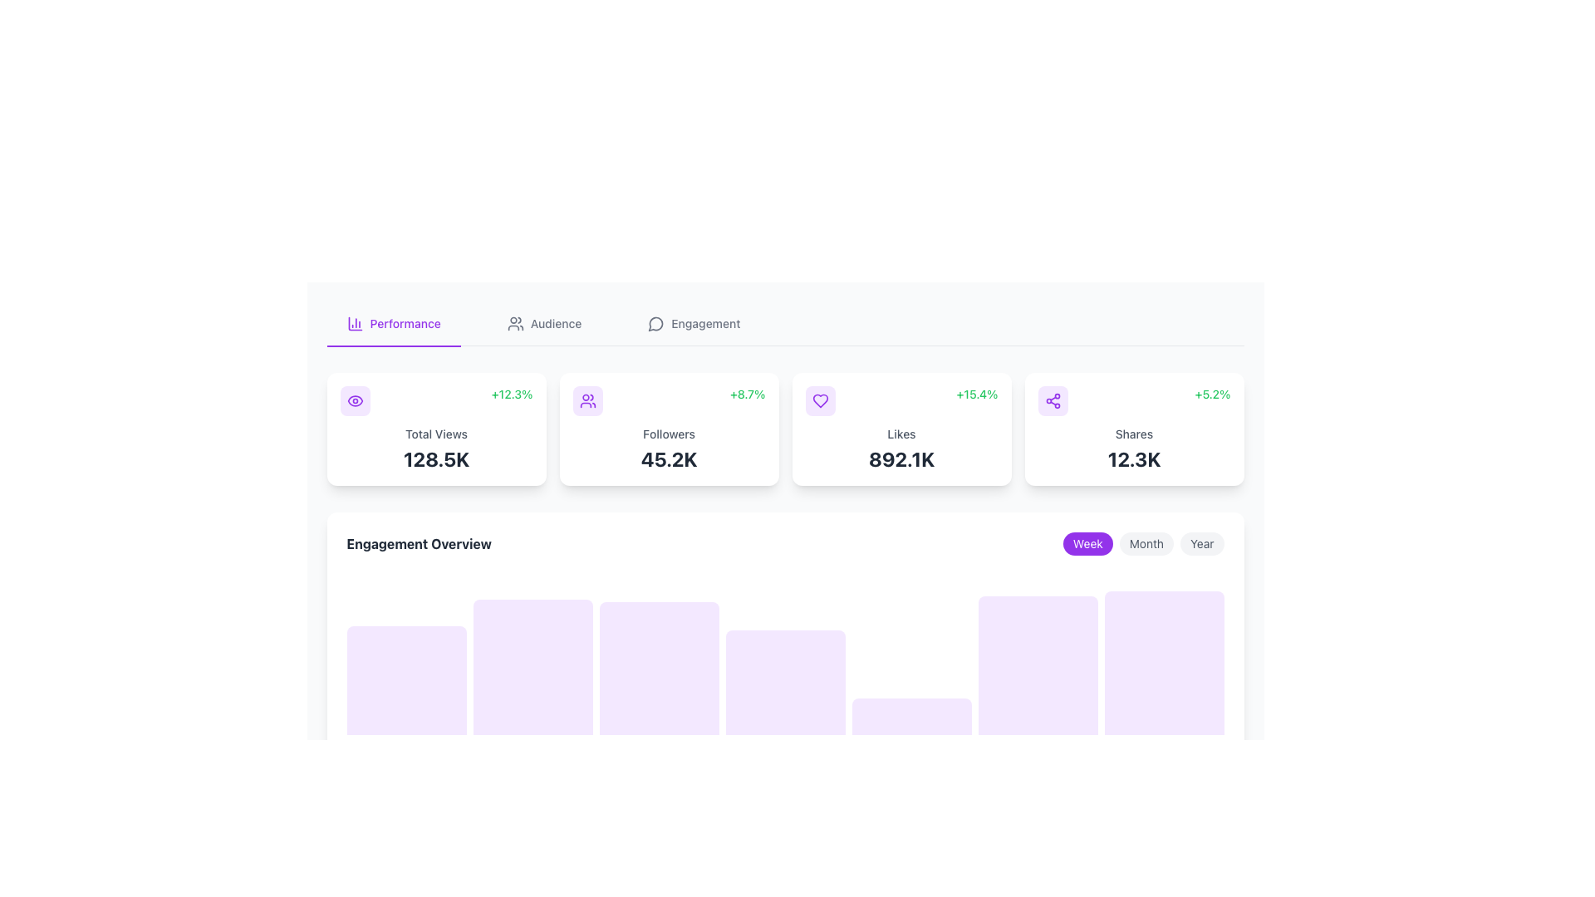 Image resolution: width=1595 pixels, height=897 pixels. I want to click on the decorative visibility icon located in the third card under the 'Performance' tab, which is centered within a purple-tinted rounded rectangle, so click(354, 400).